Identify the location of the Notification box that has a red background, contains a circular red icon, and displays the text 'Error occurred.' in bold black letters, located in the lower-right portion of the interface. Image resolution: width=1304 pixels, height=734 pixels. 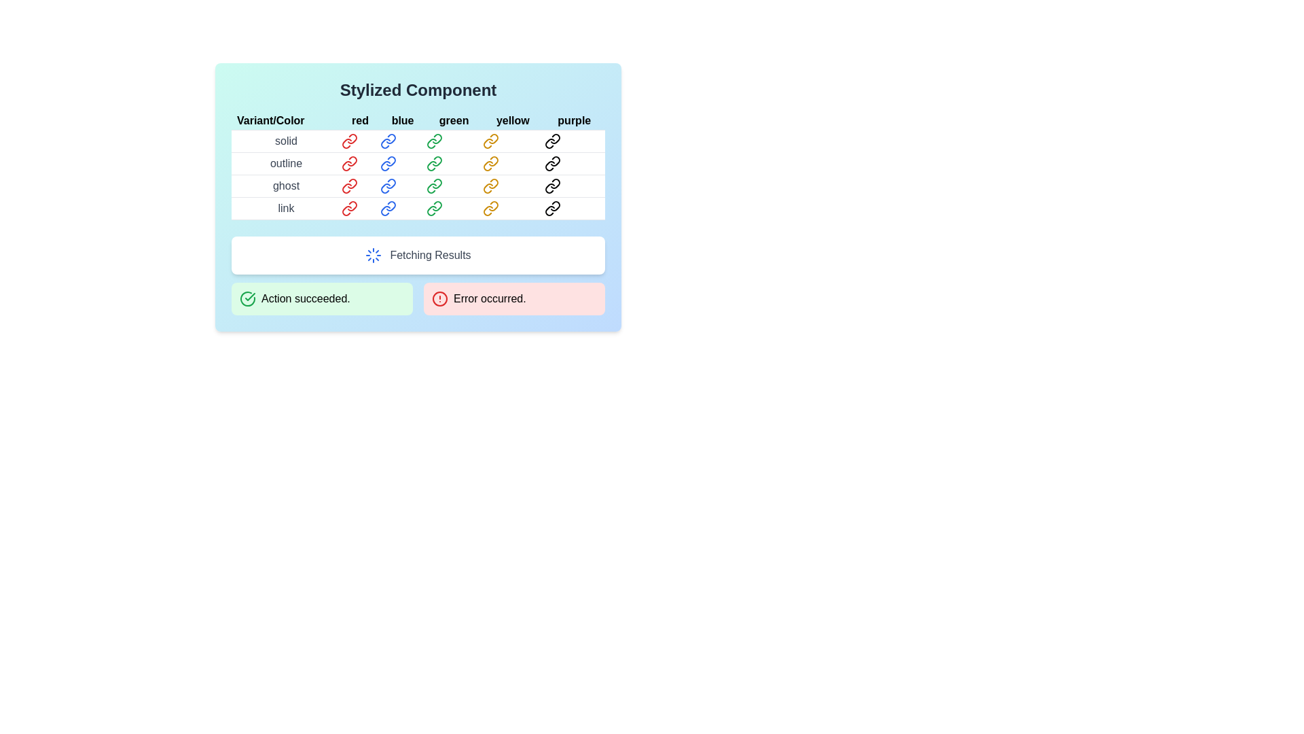
(513, 298).